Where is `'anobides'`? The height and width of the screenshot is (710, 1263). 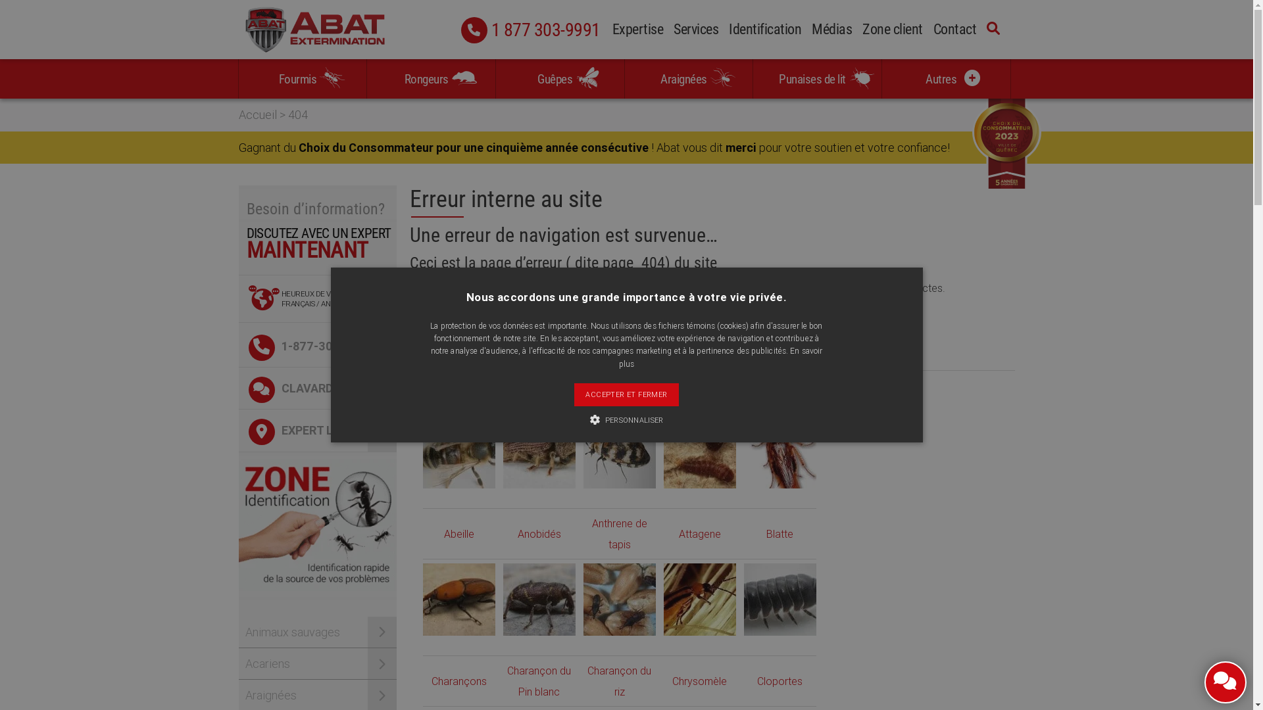 'anobides' is located at coordinates (501, 451).